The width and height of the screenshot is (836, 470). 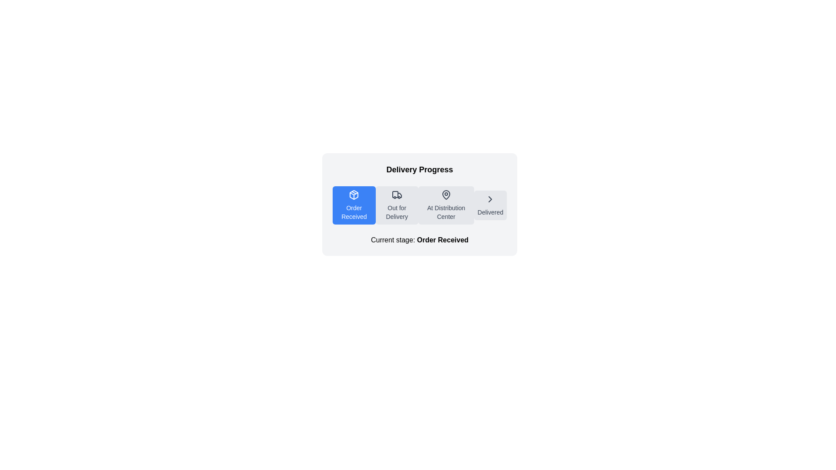 I want to click on the vector graphic icon representing a map pin located in the 'At Distribution Center' section of the delivery progress bar, so click(x=446, y=194).